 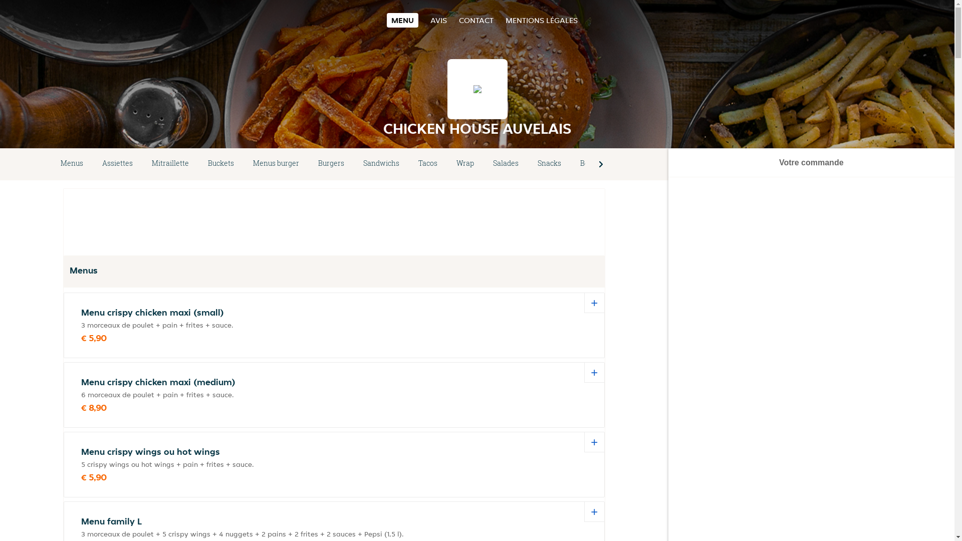 What do you see at coordinates (381, 163) in the screenshot?
I see `'Sandwichs'` at bounding box center [381, 163].